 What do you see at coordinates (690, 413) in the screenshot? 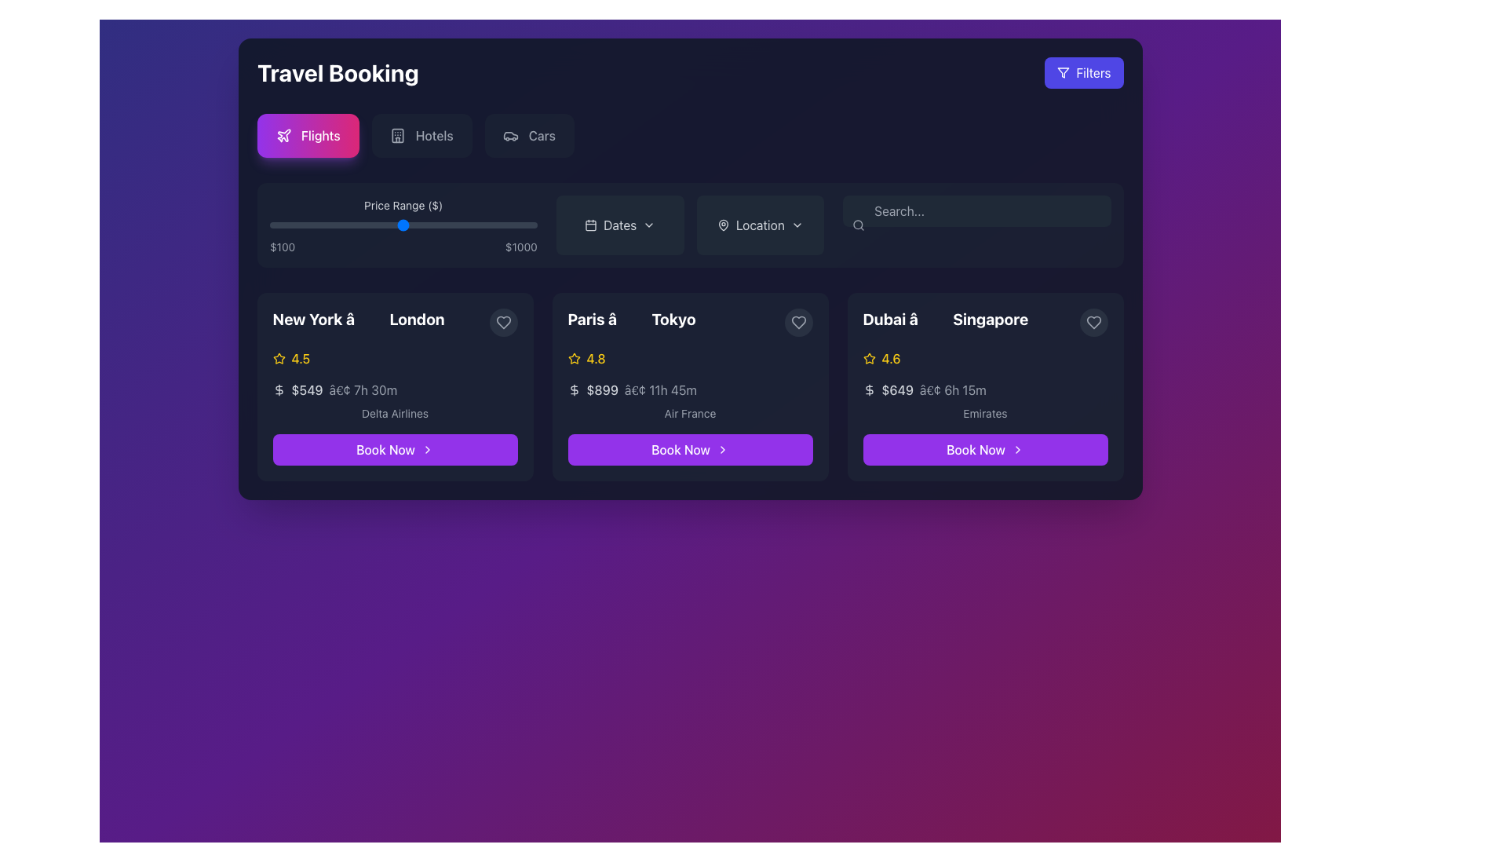
I see `the text label displaying 'Air France', which is a light gray text component positioned below the price and flight duration for the Paris to Tokyo flight option` at bounding box center [690, 413].